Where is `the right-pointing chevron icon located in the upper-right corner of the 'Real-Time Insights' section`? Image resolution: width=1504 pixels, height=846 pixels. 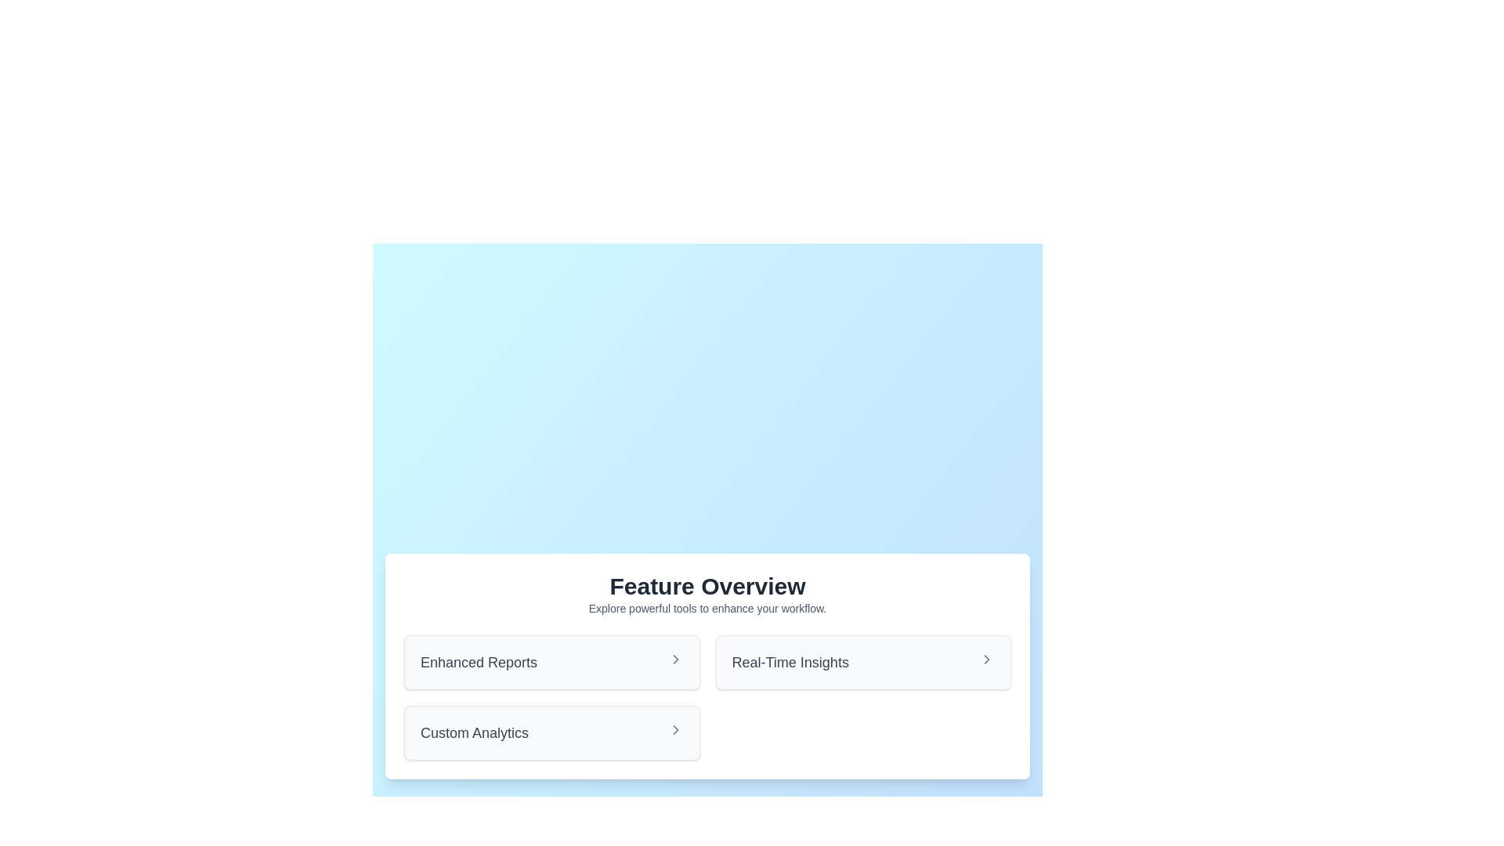 the right-pointing chevron icon located in the upper-right corner of the 'Real-Time Insights' section is located at coordinates (985, 659).